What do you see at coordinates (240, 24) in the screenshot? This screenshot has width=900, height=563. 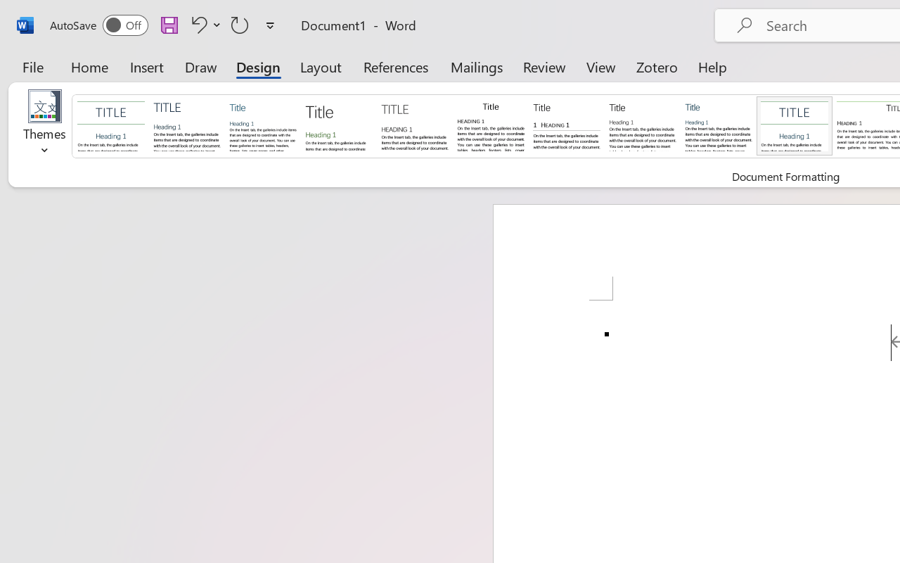 I see `'Repeat Style'` at bounding box center [240, 24].